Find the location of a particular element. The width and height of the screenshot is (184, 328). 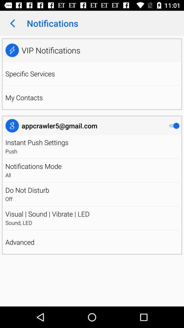

item above the do not disturb app is located at coordinates (92, 182).